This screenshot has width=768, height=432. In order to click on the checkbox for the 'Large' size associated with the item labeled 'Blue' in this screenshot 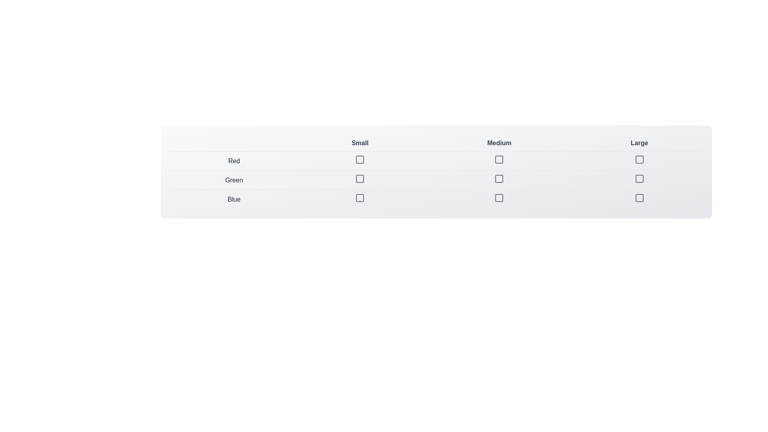, I will do `click(639, 199)`.